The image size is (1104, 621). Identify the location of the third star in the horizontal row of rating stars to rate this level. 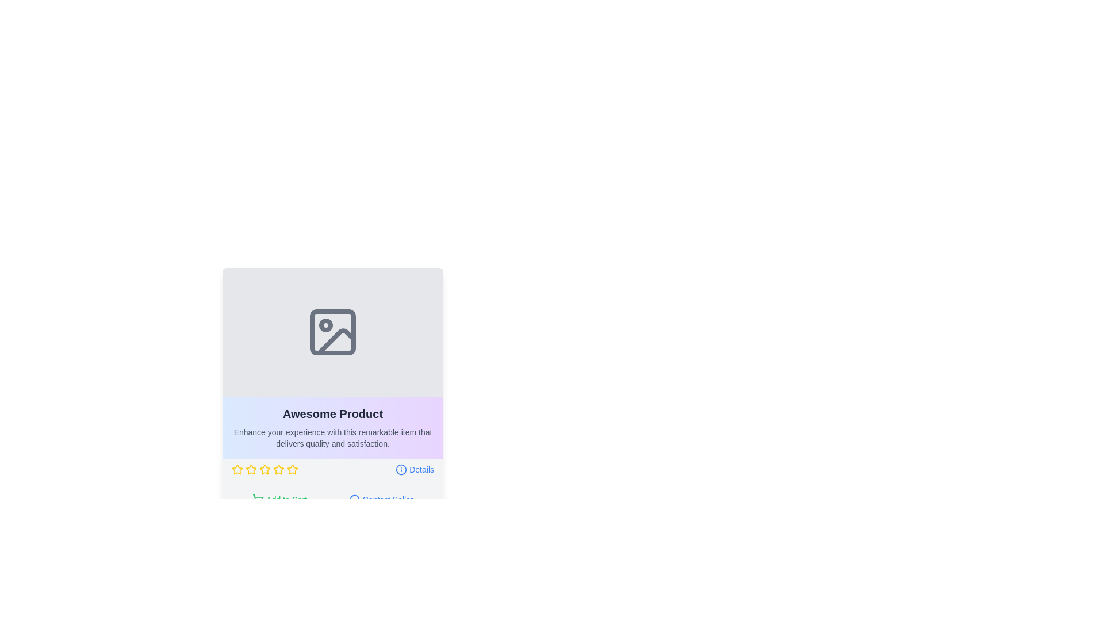
(278, 469).